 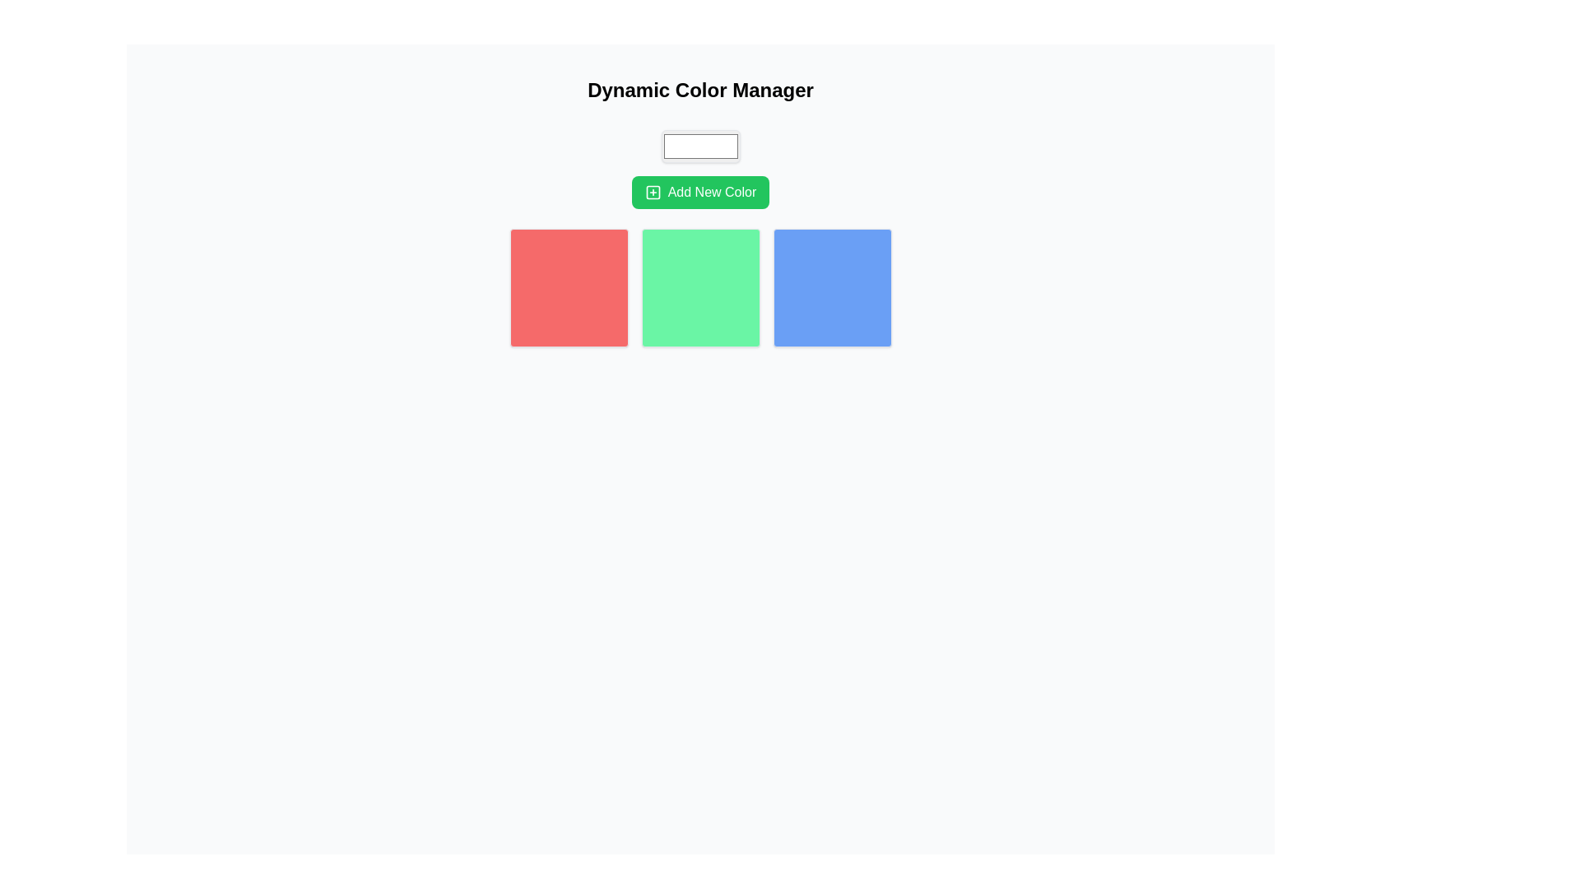 I want to click on the bold, large-sized text displaying 'Dynamic Color Manager', which is centrally aligned at the top of the layout, so click(x=700, y=91).